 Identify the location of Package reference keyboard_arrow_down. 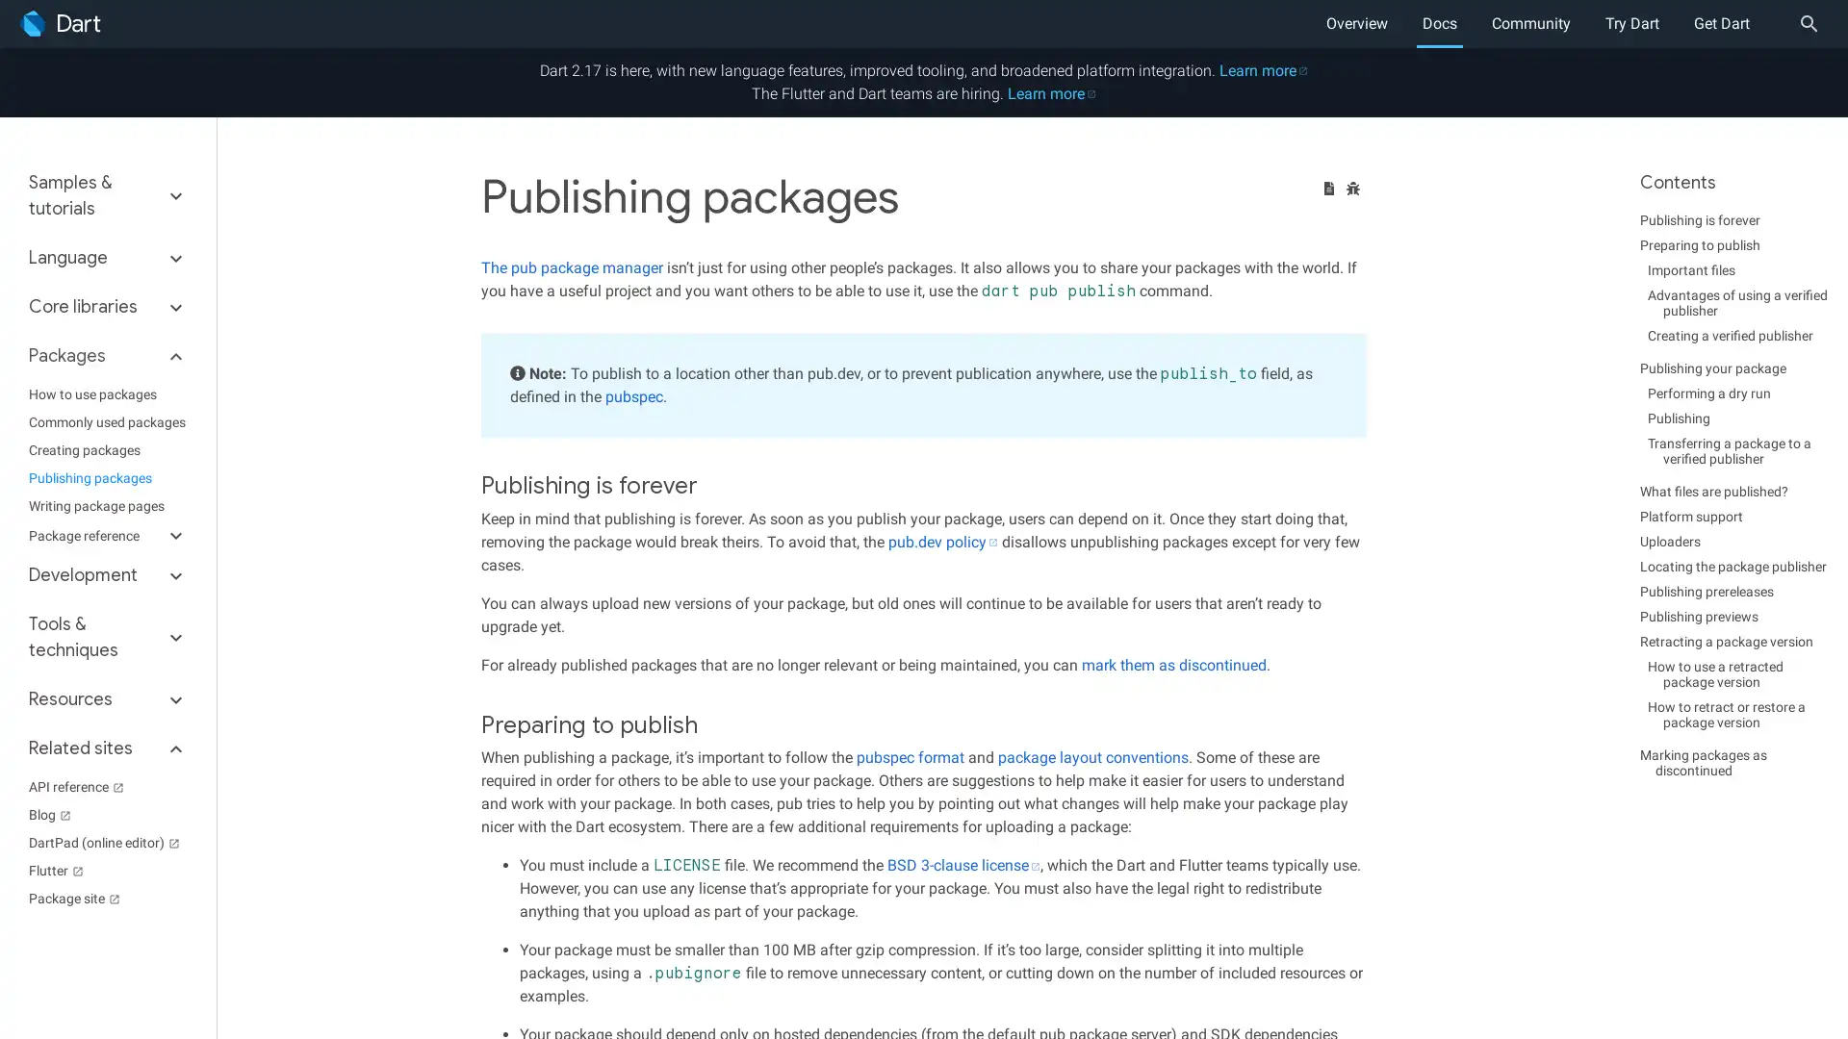
(107, 535).